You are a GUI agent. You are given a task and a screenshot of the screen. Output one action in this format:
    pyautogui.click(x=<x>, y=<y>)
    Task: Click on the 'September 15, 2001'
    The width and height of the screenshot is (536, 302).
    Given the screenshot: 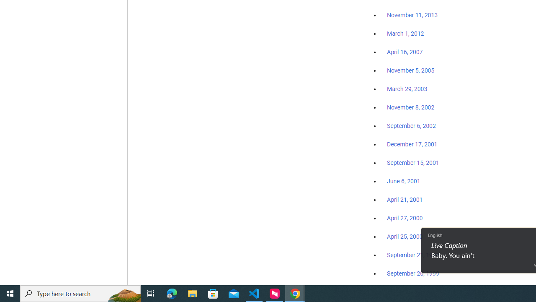 What is the action you would take?
    pyautogui.click(x=413, y=162)
    